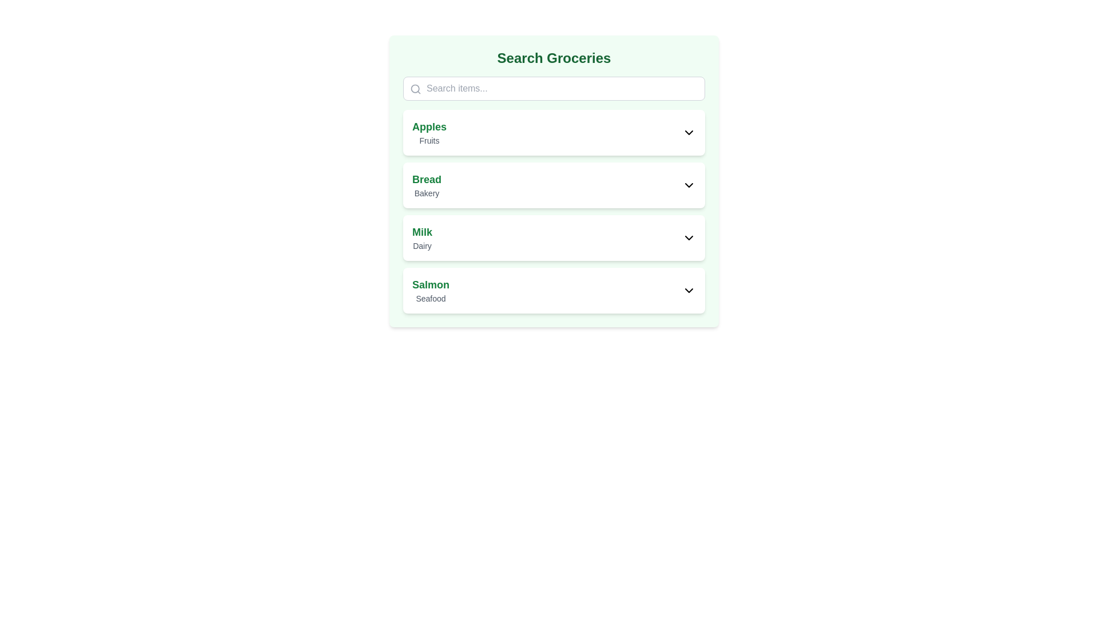  I want to click on the downward-pointing chevron icon located to the right of the 'Apples' item in the list, so click(688, 132).